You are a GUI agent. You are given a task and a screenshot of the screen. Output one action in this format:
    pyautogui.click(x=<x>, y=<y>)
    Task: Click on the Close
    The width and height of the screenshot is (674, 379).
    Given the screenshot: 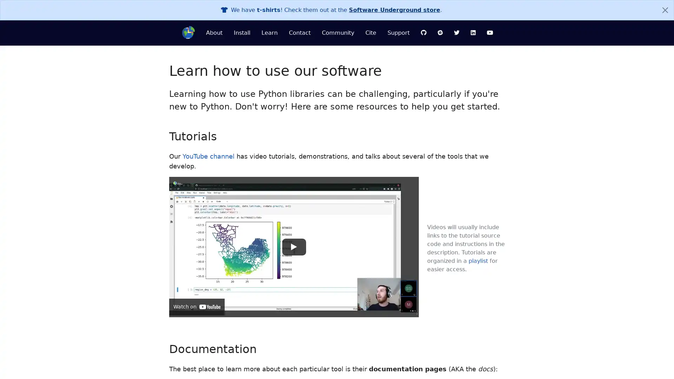 What is the action you would take?
    pyautogui.click(x=665, y=10)
    